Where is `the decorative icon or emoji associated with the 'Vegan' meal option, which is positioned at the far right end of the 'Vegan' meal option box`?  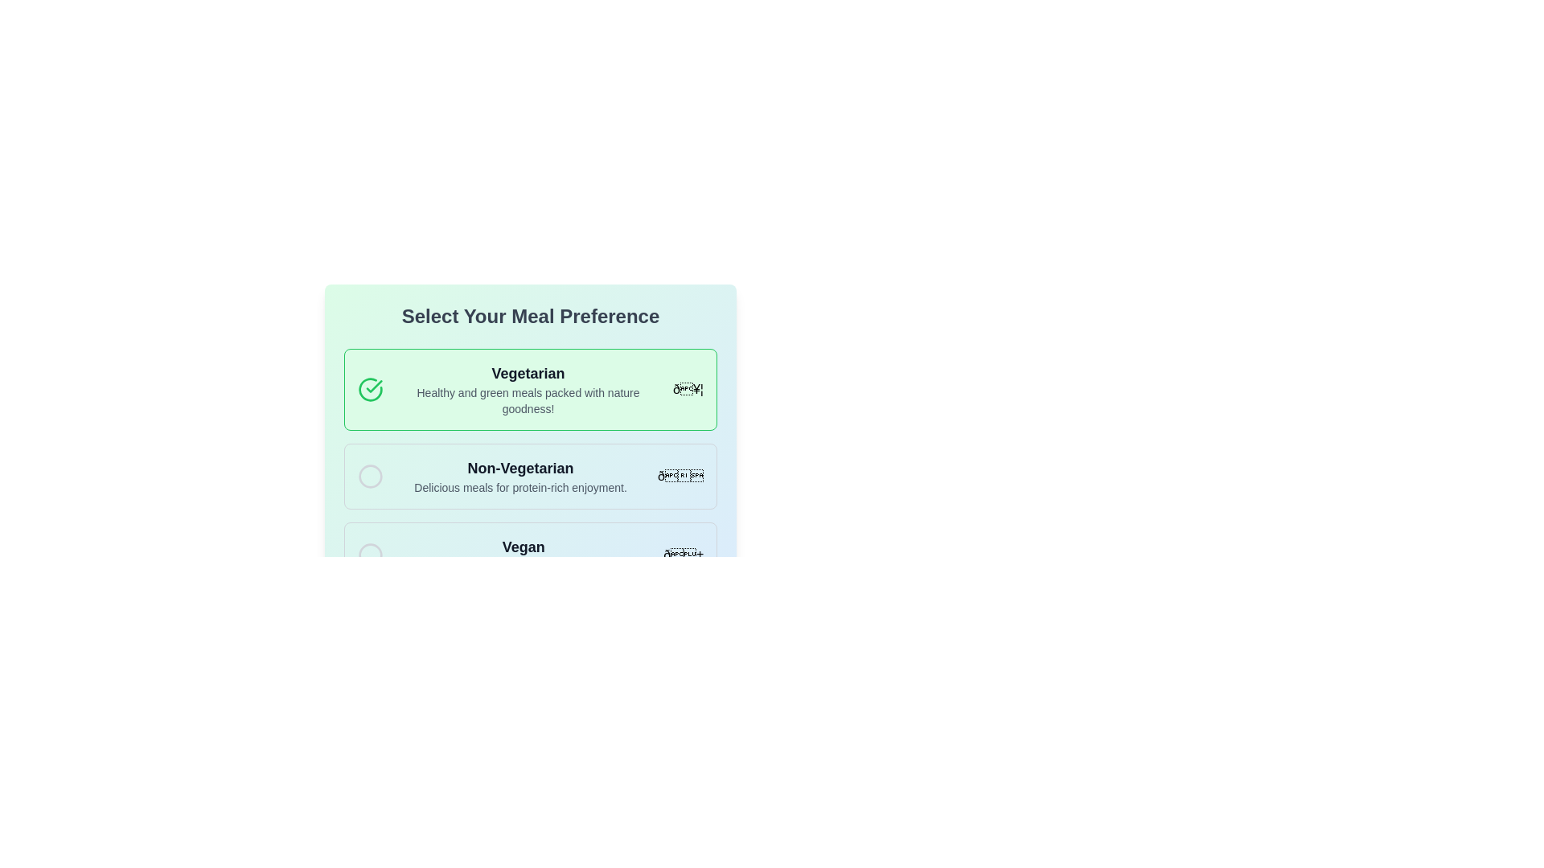
the decorative icon or emoji associated with the 'Vegan' meal option, which is positioned at the far right end of the 'Vegan' meal option box is located at coordinates (683, 554).